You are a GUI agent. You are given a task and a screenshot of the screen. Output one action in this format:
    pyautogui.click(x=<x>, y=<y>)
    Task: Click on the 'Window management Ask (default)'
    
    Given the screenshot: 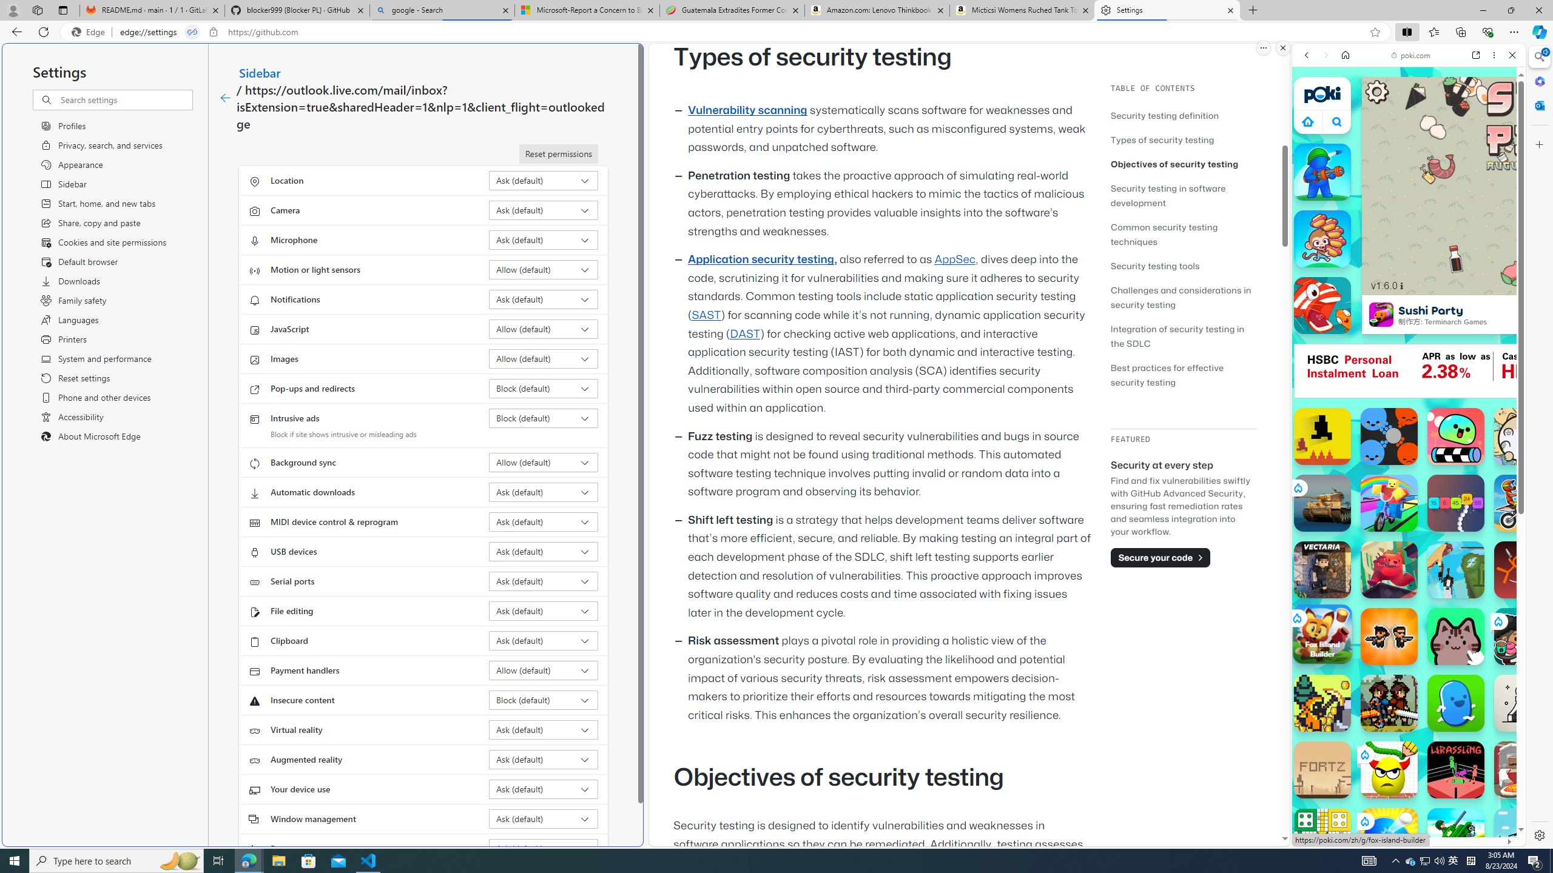 What is the action you would take?
    pyautogui.click(x=544, y=818)
    